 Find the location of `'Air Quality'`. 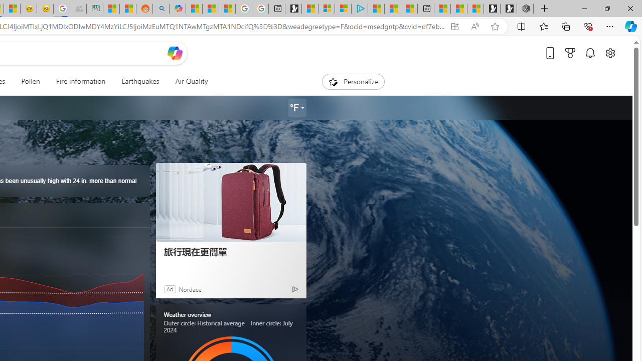

'Air Quality' is located at coordinates (192, 81).